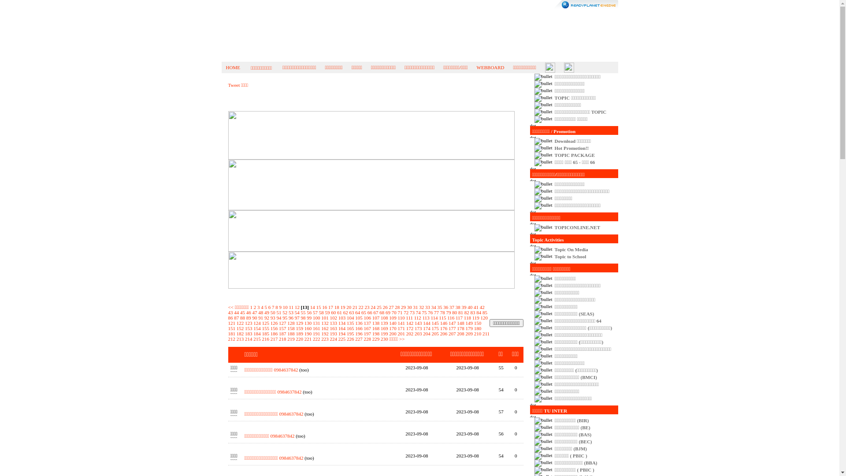 This screenshot has width=846, height=476. What do you see at coordinates (266, 318) in the screenshot?
I see `'92'` at bounding box center [266, 318].